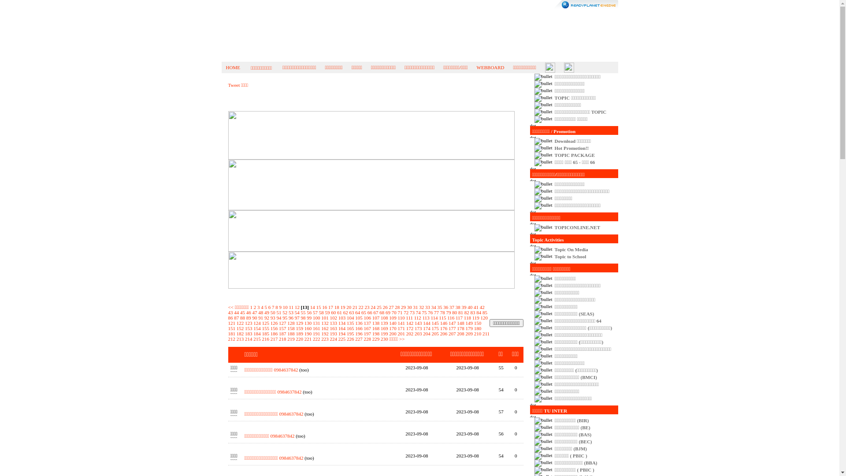 This screenshot has width=846, height=476. What do you see at coordinates (266, 318) in the screenshot?
I see `'92'` at bounding box center [266, 318].